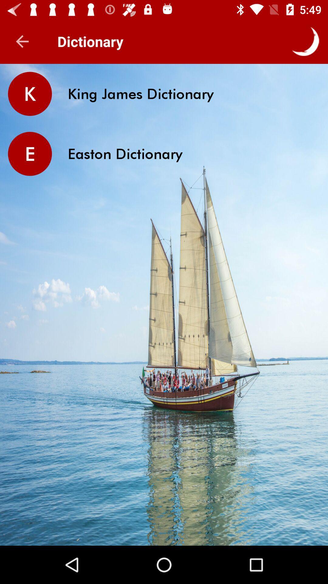  I want to click on go back, so click(22, 41).